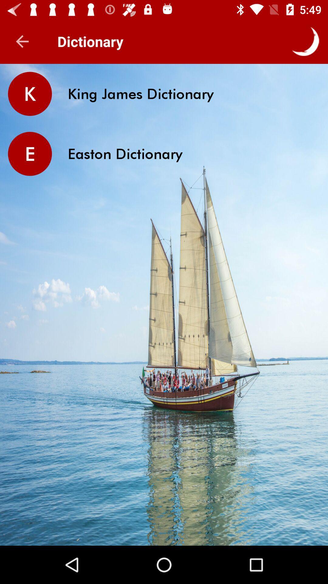  I want to click on go back, so click(22, 41).